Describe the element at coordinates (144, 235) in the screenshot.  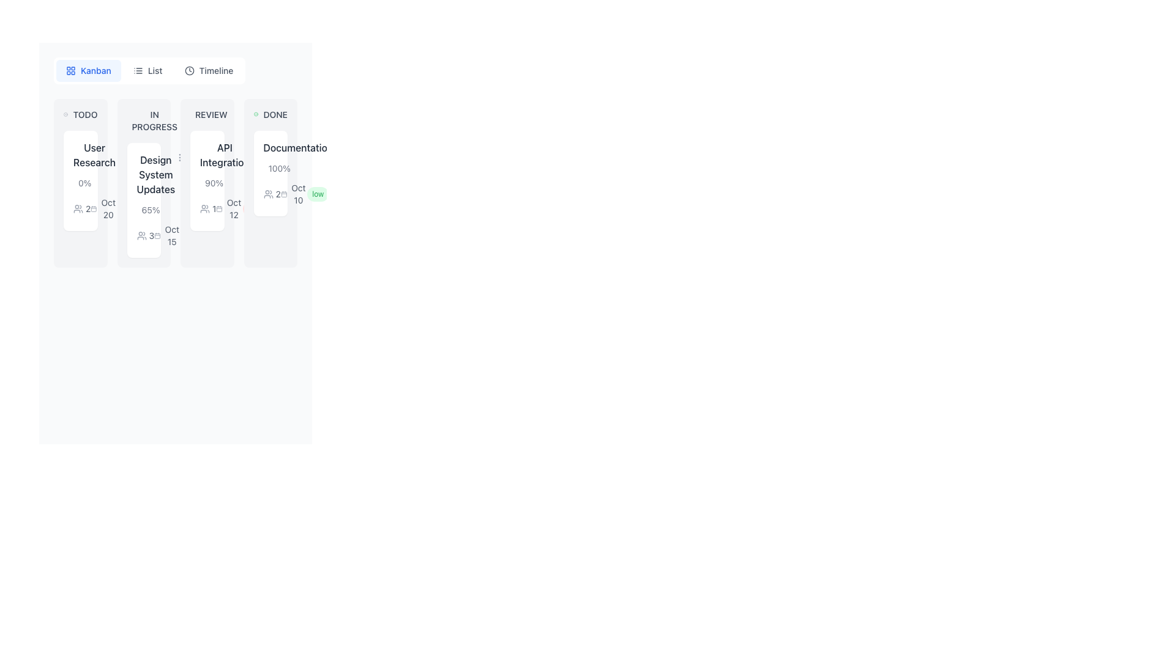
I see `the small gray icon resembling a group of users, located at the bottom-left of the 'Design System Updates' card in the 'IN PROGRESS' column of the Kanban board` at that location.